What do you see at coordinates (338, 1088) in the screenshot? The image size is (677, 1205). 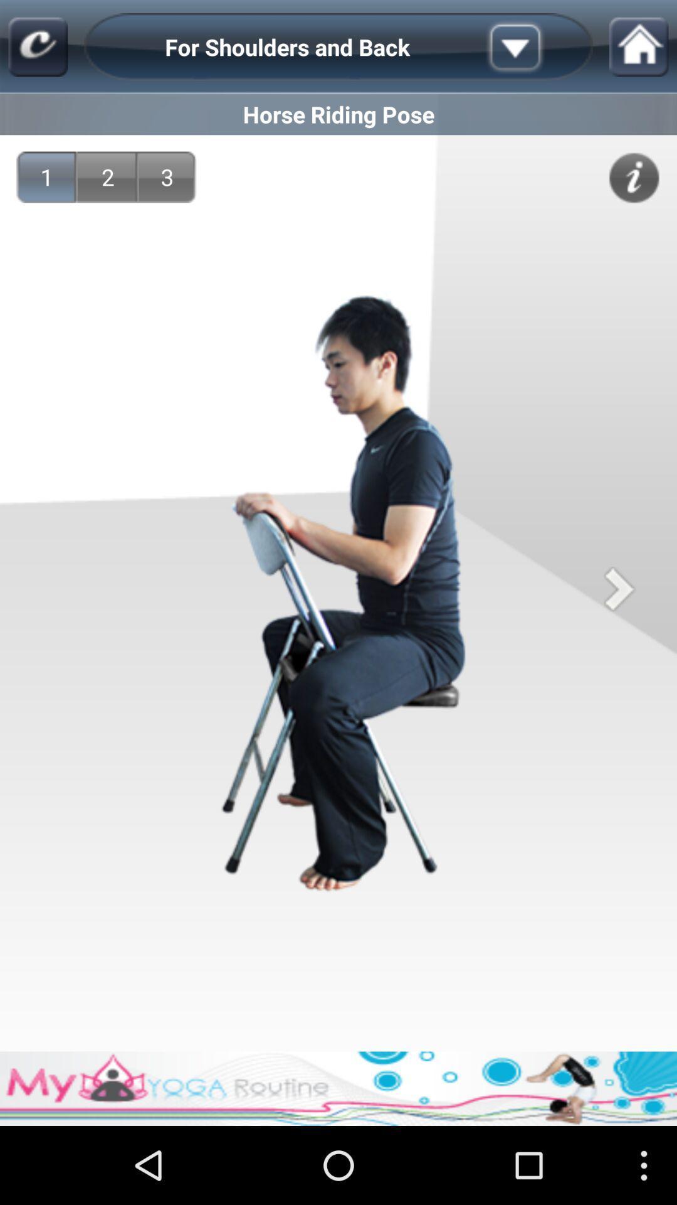 I see `advertisement` at bounding box center [338, 1088].